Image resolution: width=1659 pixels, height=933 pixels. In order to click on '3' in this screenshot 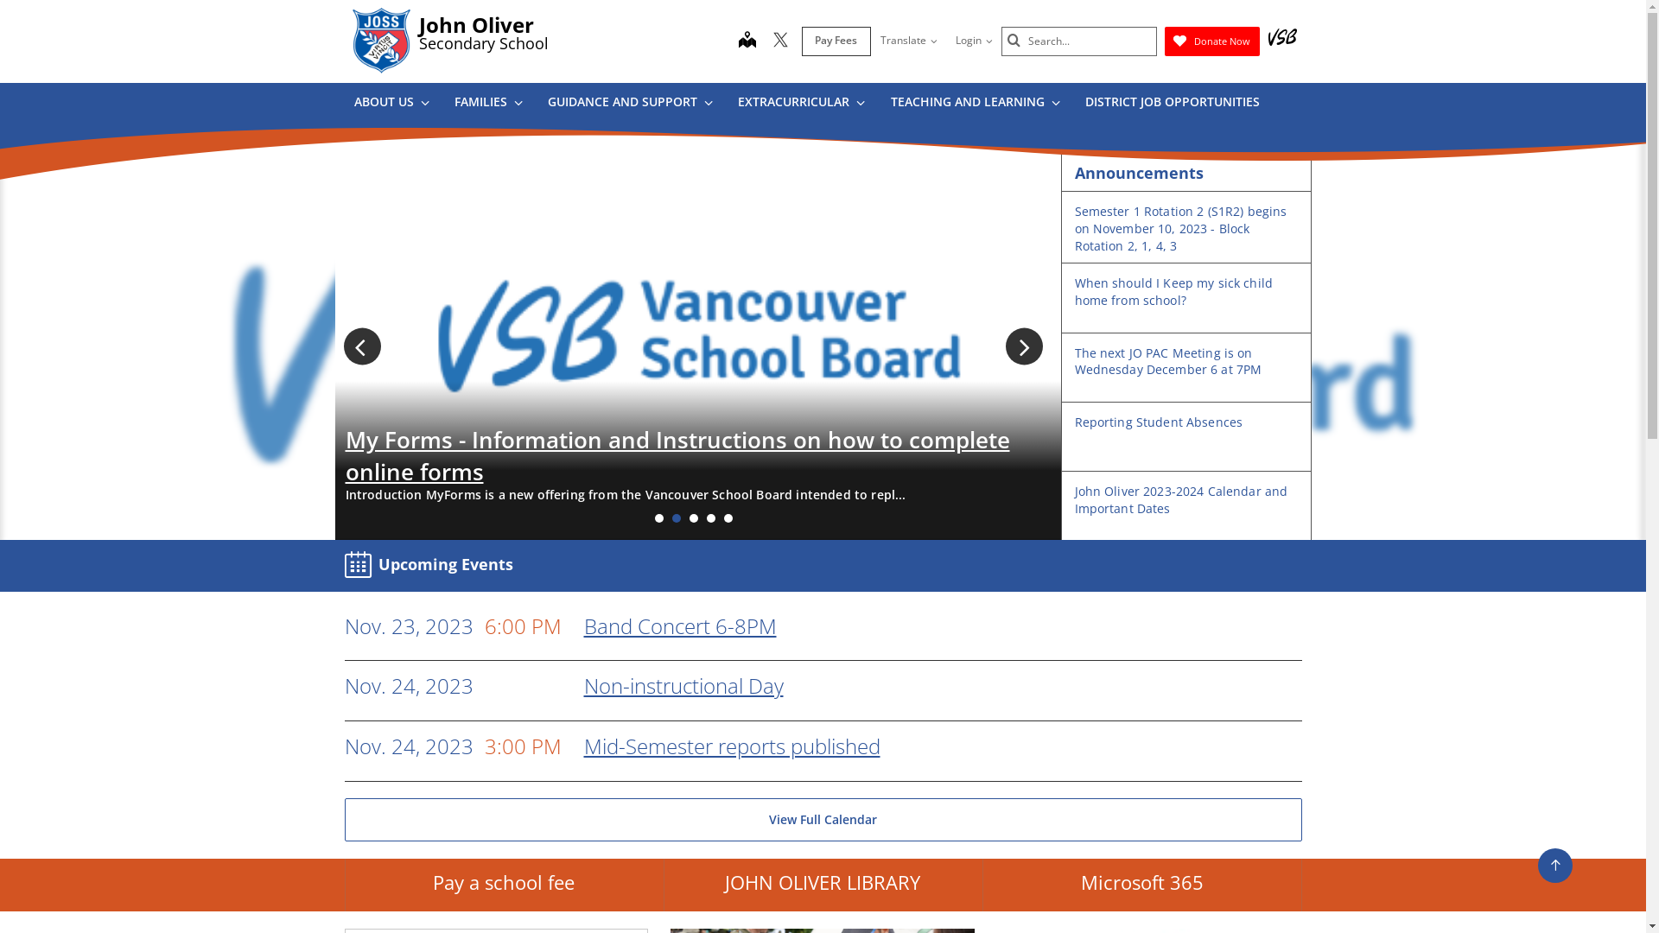, I will do `click(693, 517)`.